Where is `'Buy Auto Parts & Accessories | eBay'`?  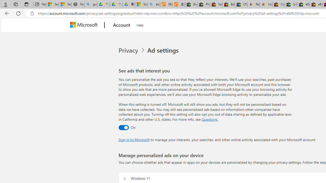
'Buy Auto Parts & Accessories | eBay' is located at coordinates (191, 4).